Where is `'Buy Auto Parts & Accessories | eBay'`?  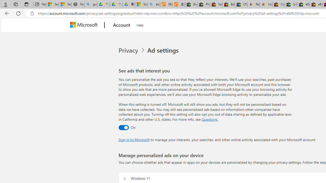
'Buy Auto Parts & Accessories | eBay' is located at coordinates (191, 4).